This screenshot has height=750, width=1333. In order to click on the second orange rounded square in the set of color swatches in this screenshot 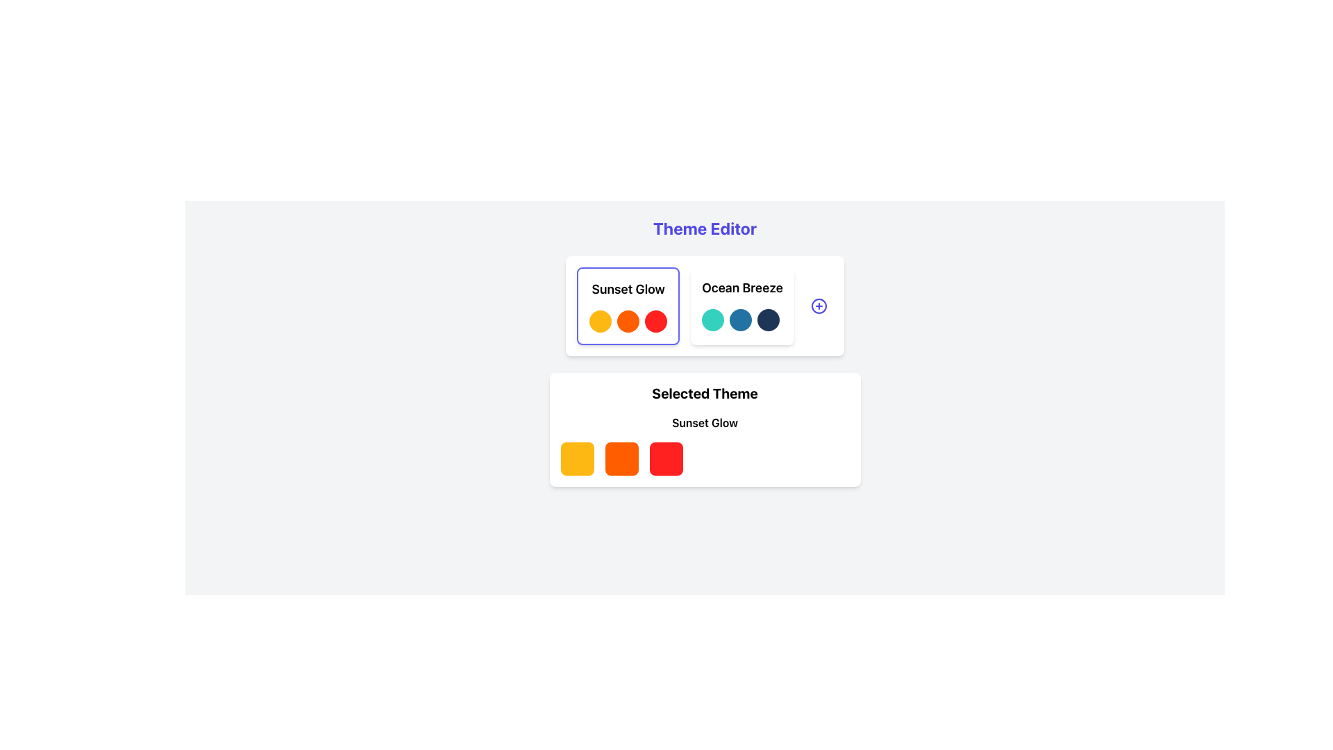, I will do `click(621, 458)`.